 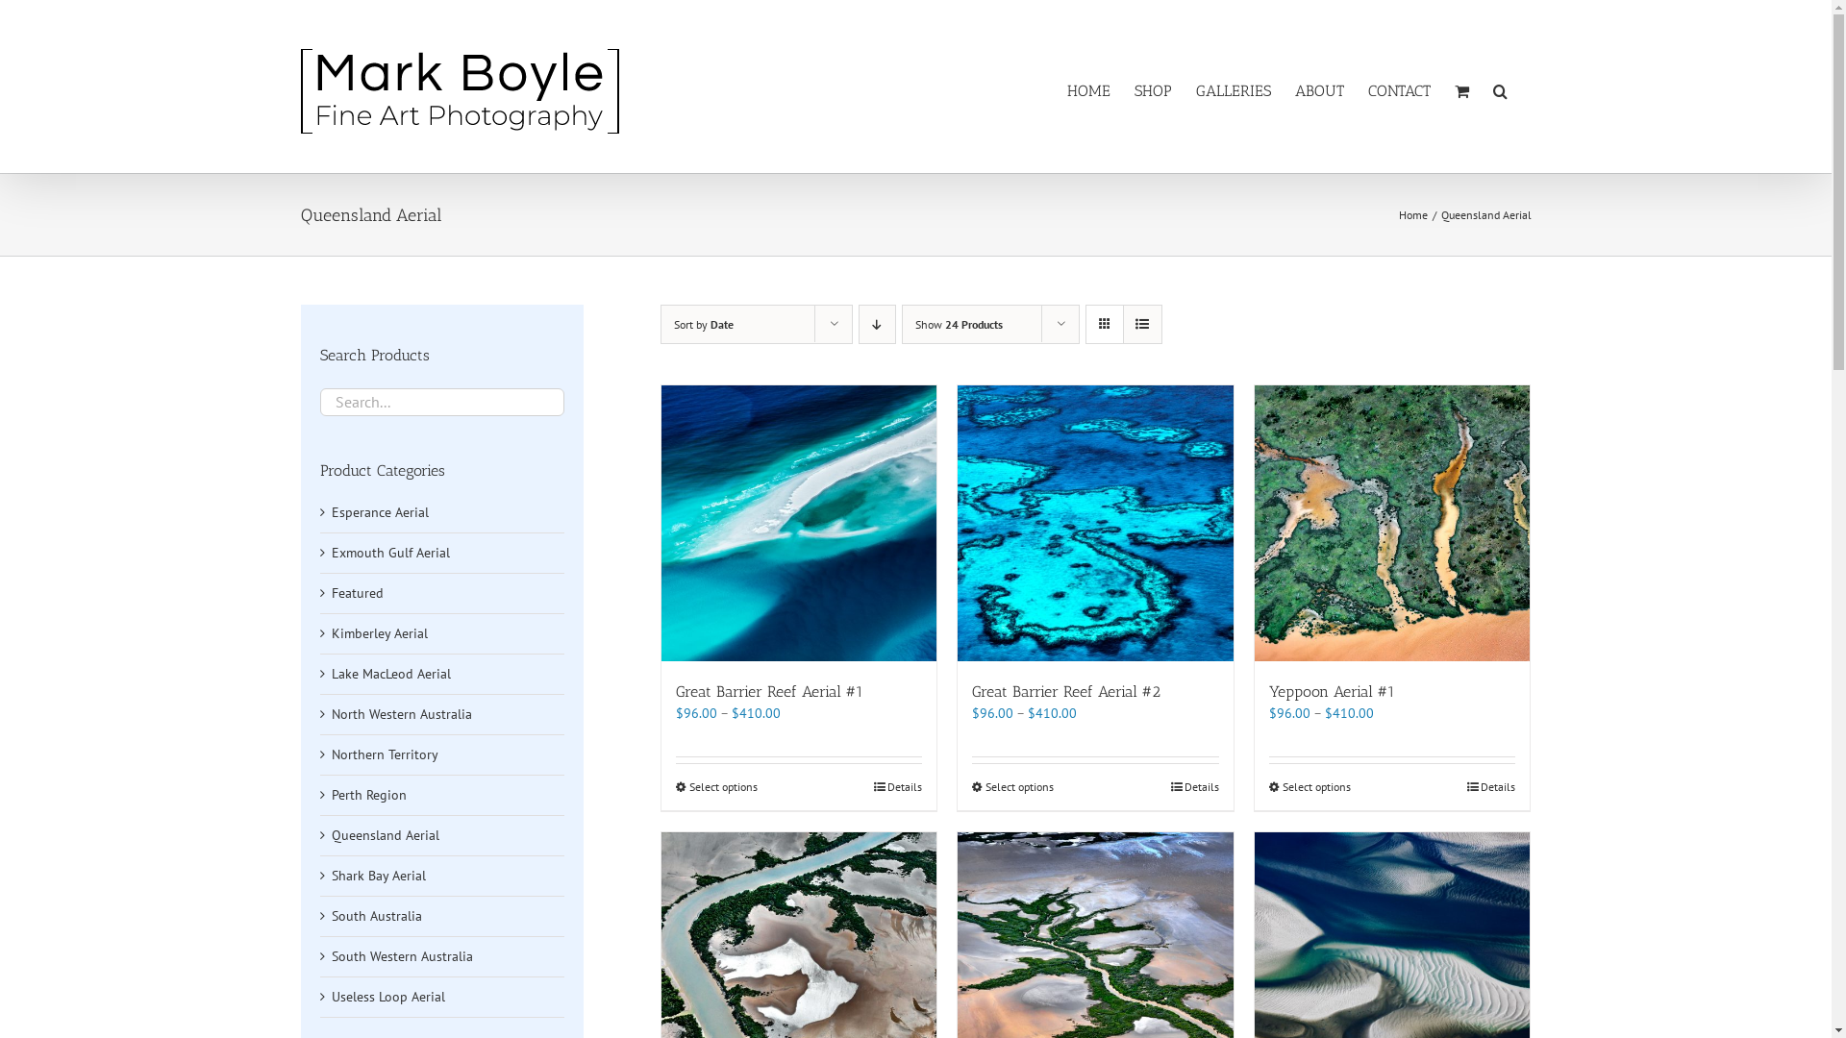 I want to click on 'Perth Region', so click(x=368, y=794).